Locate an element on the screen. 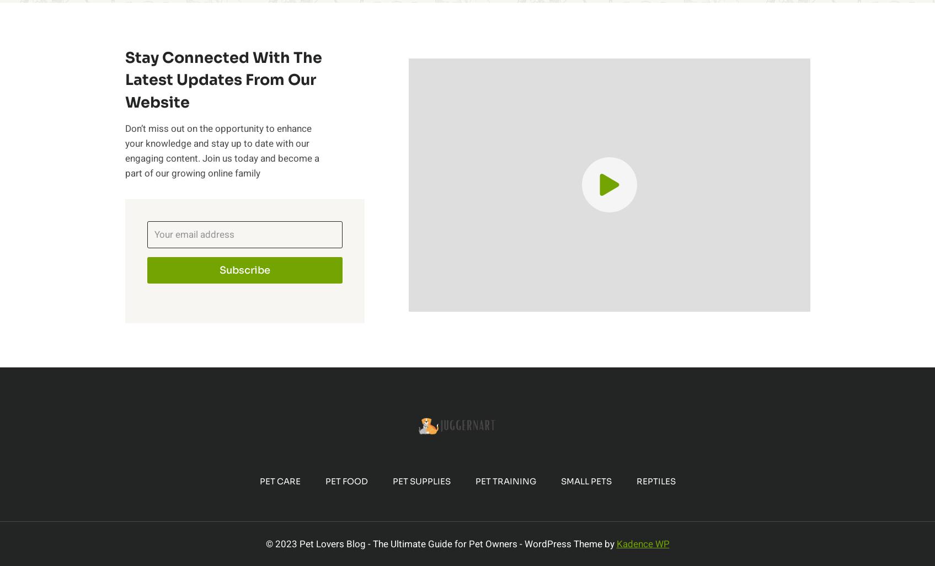 The height and width of the screenshot is (566, 935). 'Kadence WP' is located at coordinates (642, 543).